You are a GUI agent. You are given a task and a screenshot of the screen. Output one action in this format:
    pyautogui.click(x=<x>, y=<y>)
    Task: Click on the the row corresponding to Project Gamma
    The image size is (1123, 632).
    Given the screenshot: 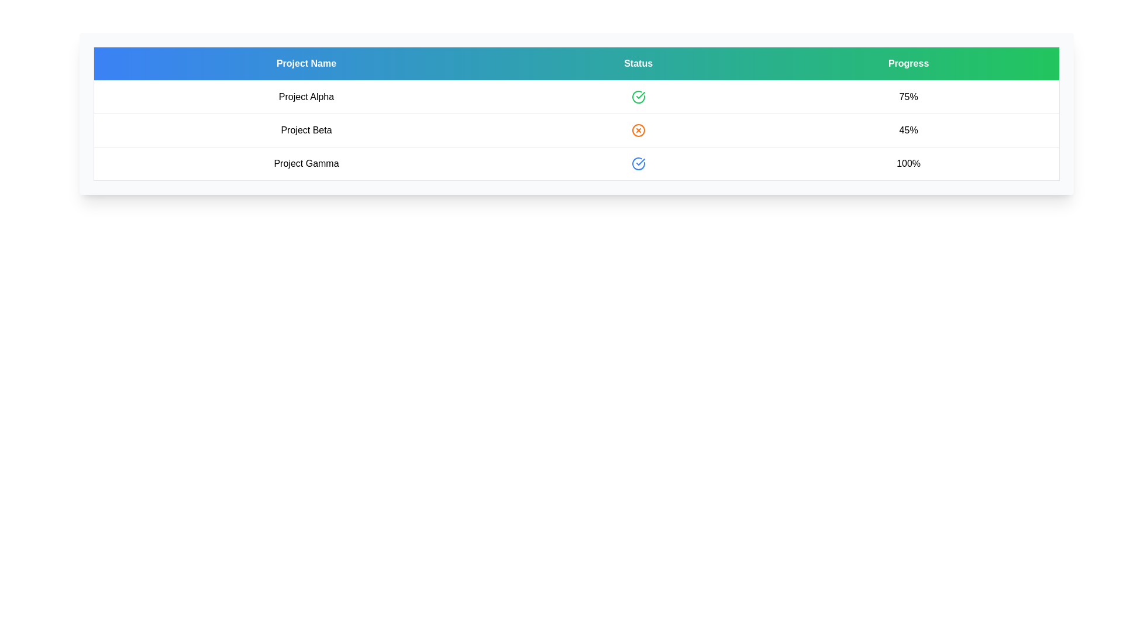 What is the action you would take?
    pyautogui.click(x=576, y=164)
    